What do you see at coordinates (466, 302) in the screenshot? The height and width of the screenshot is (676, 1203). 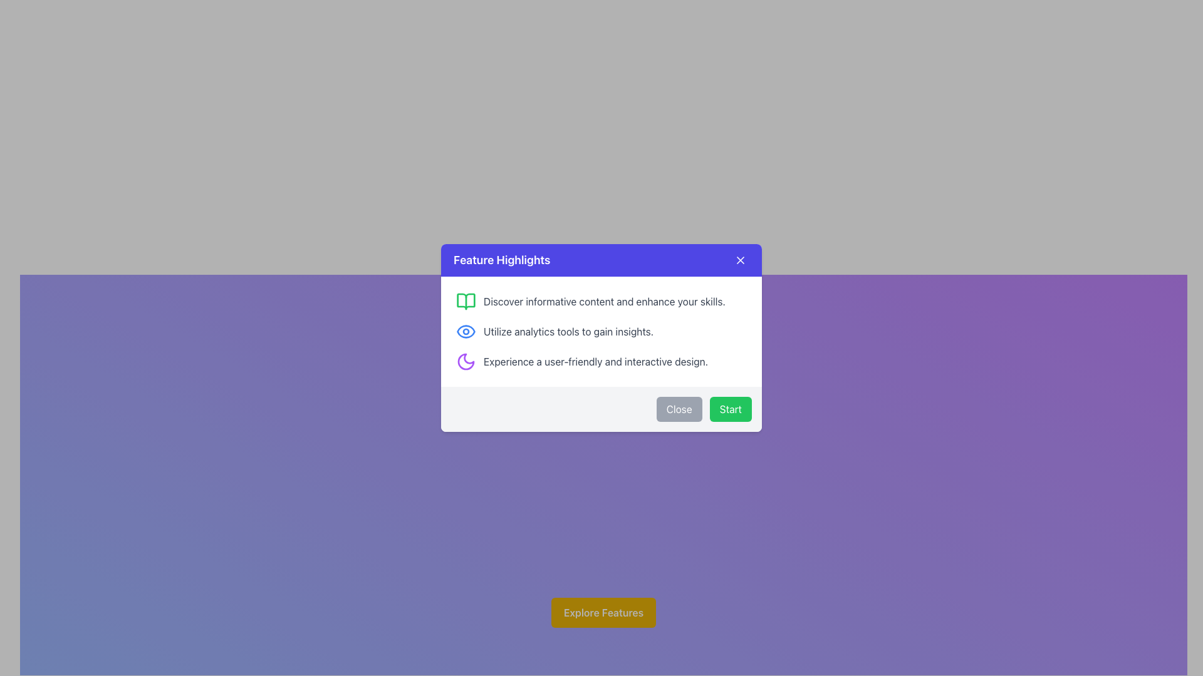 I see `the learning icon located in the top-left corner of the 'Feature Highlights' dialog box, which visually represents the concept of learning or information` at bounding box center [466, 302].